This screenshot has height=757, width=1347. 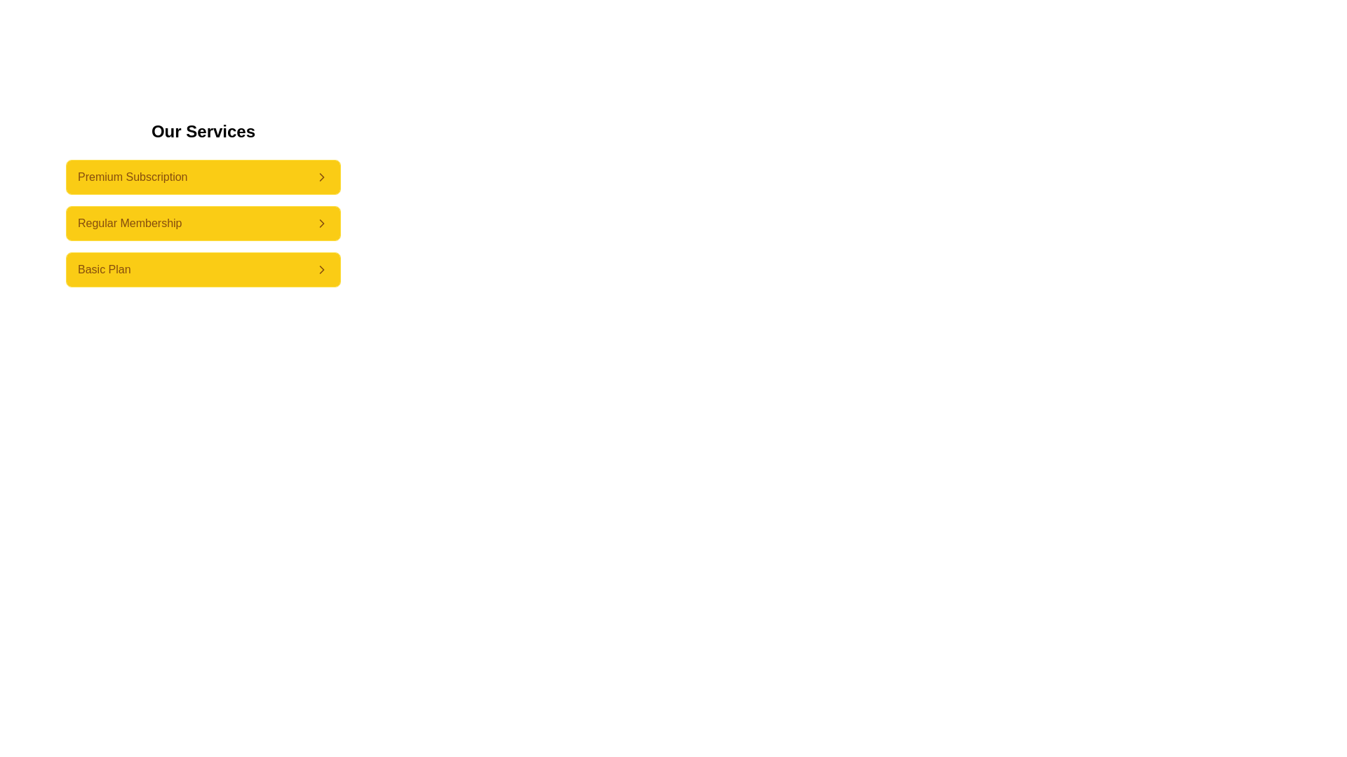 I want to click on the static header element that serves as a title for the subscription options, indicating the theme of the section, so click(x=202, y=132).